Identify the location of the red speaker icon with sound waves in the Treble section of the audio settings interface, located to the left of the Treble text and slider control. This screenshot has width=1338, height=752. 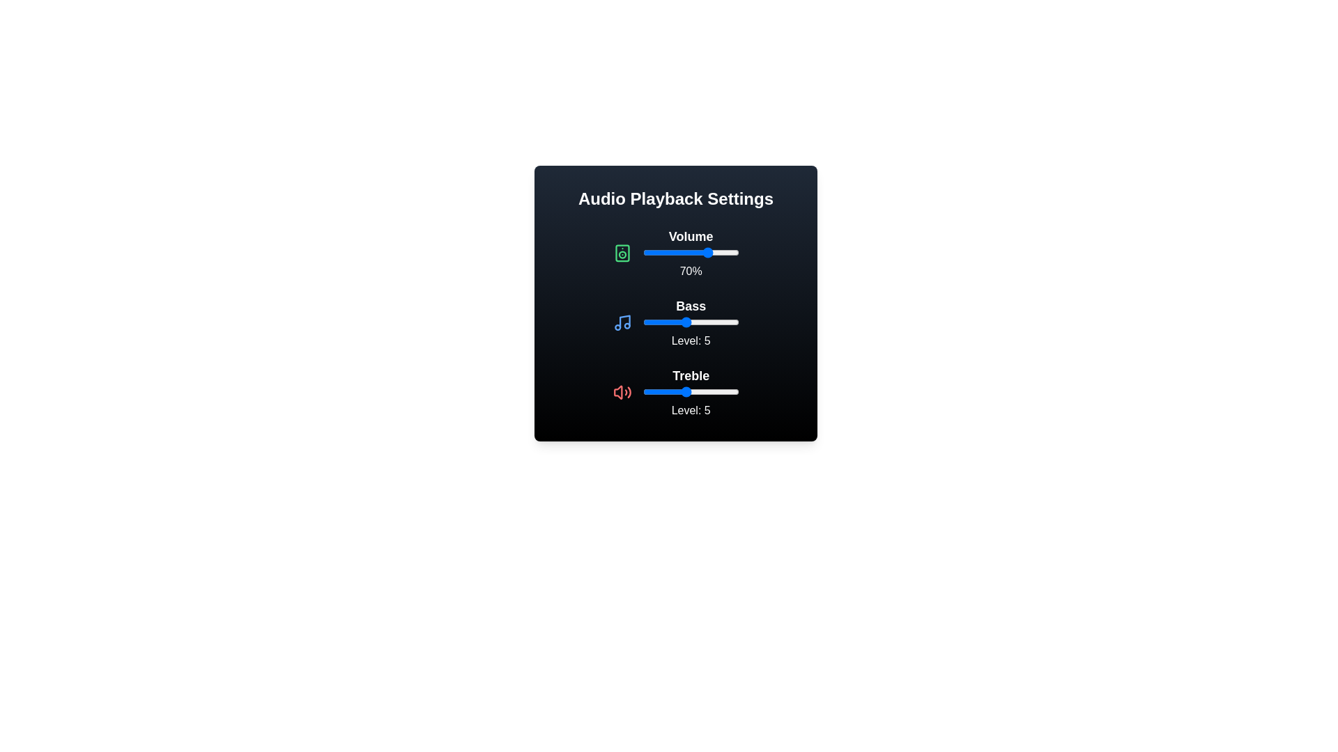
(622, 392).